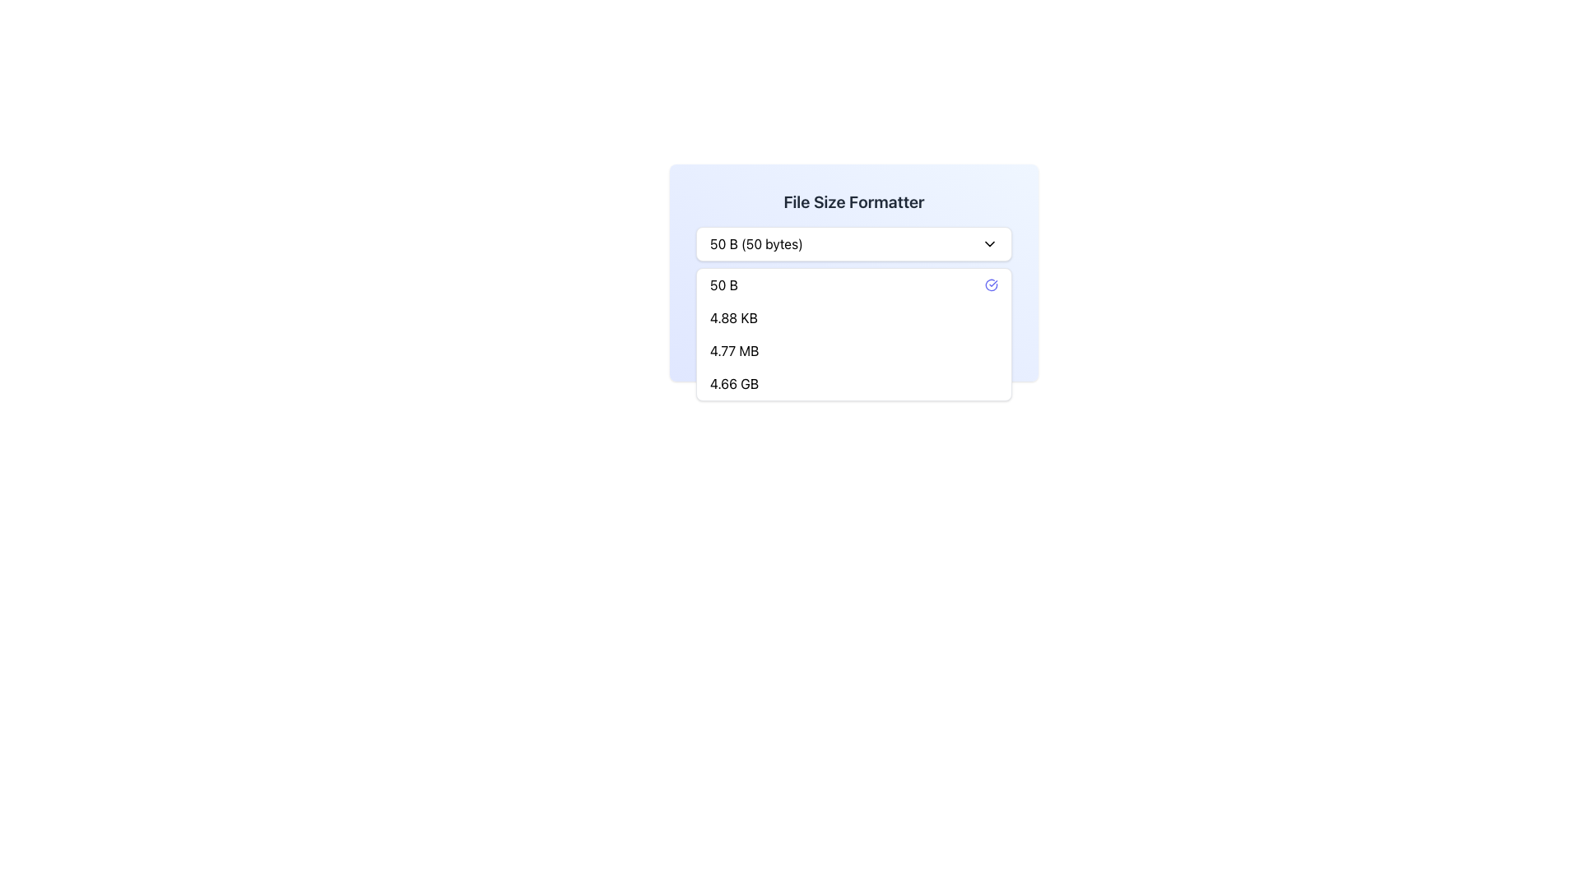 The height and width of the screenshot is (888, 1580). I want to click on the third item in the dropdown menu labeled '4.77 MB', which is positioned beneath '4.88 KB' and above '4.66 GB', so click(853, 334).